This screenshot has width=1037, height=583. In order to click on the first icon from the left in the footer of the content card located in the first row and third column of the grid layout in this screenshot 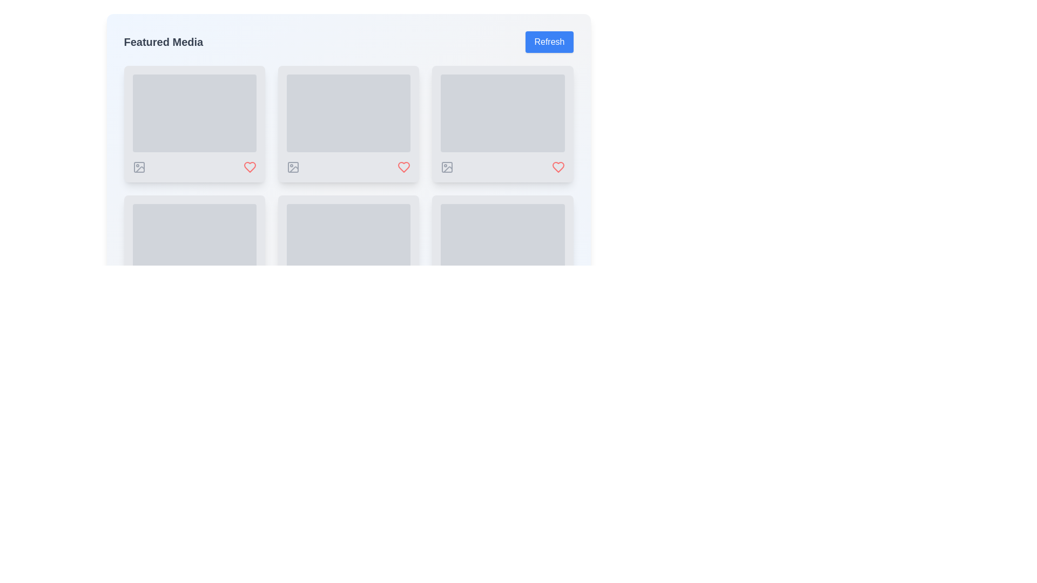, I will do `click(447, 167)`.